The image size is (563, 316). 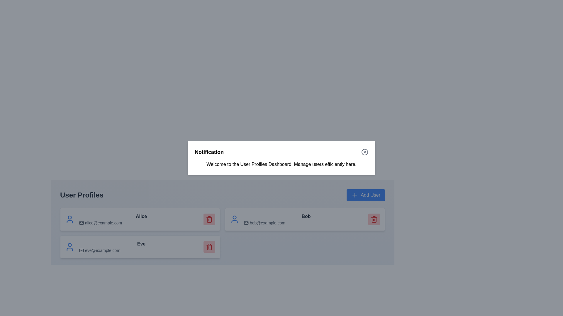 I want to click on the trash icon within the delete button on the right-hand side of the second row of user profile cards, so click(x=209, y=247).